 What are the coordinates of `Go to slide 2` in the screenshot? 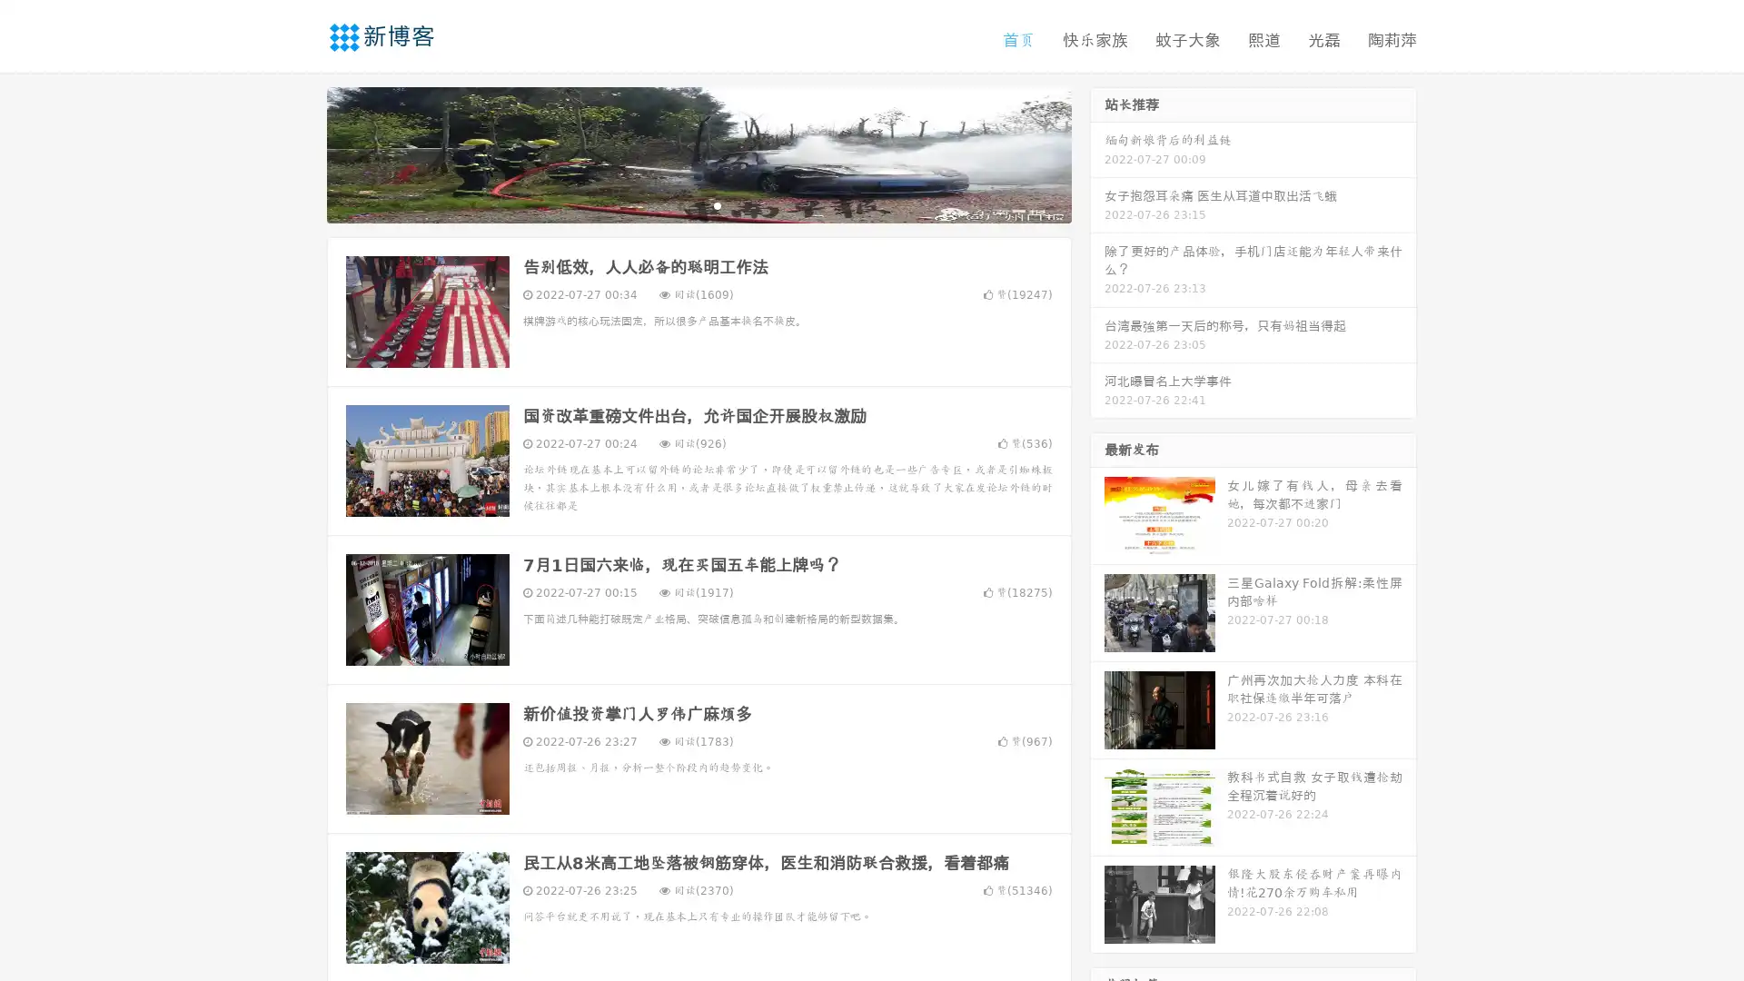 It's located at (698, 204).